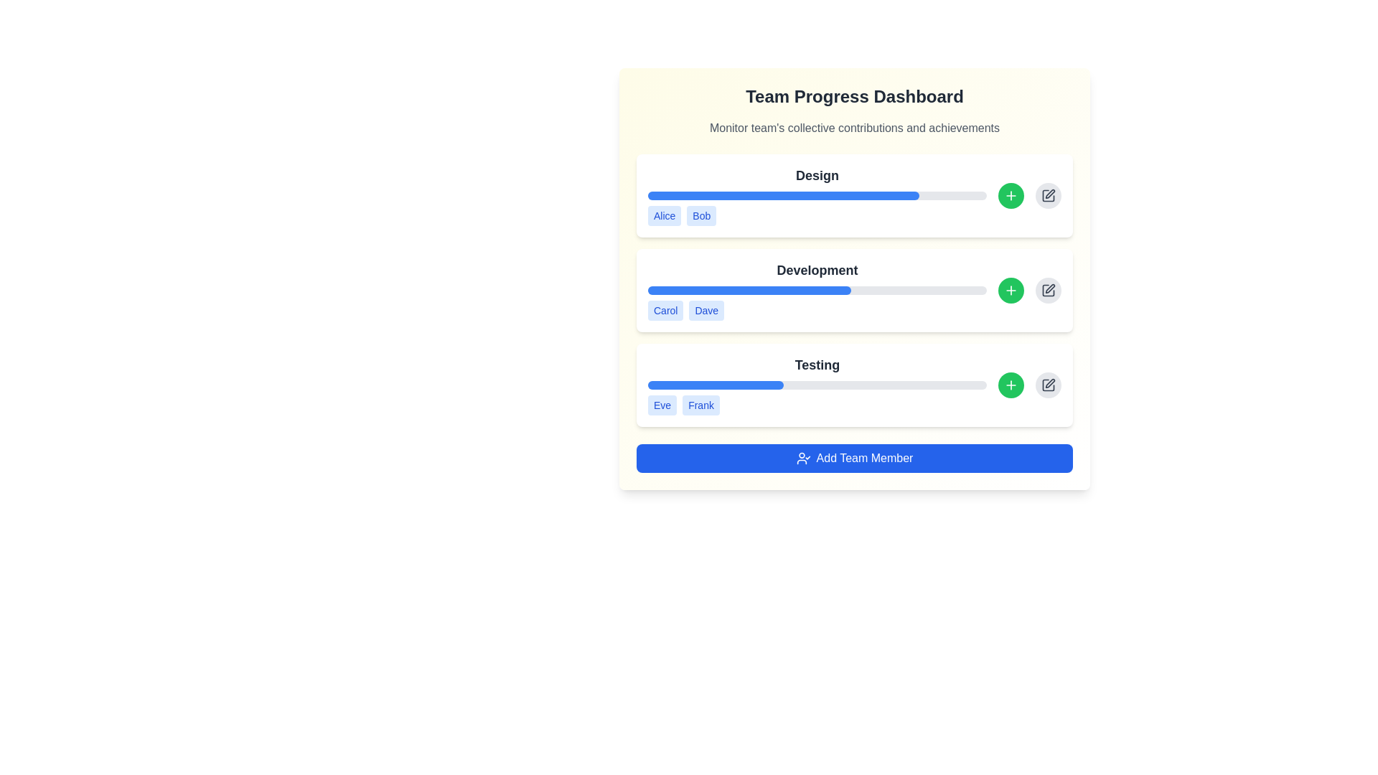 This screenshot has width=1378, height=775. I want to click on the pen-shaped icon located in the lower-right section of the 'Testing' panel, so click(1050, 382).